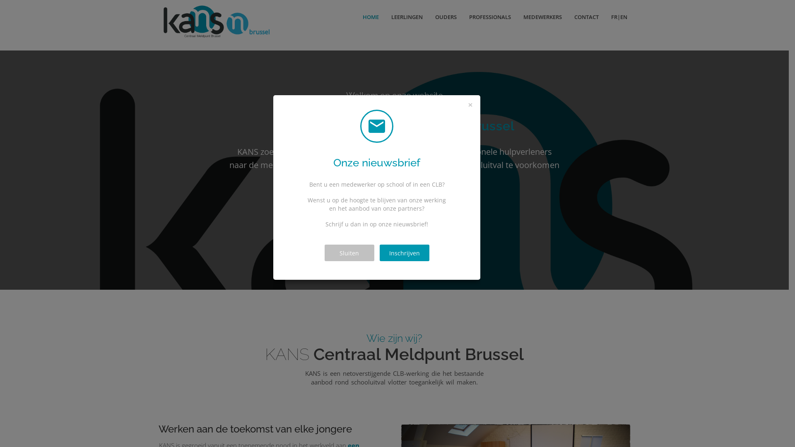 The width and height of the screenshot is (795, 447). What do you see at coordinates (586, 17) in the screenshot?
I see `'CONTACT'` at bounding box center [586, 17].